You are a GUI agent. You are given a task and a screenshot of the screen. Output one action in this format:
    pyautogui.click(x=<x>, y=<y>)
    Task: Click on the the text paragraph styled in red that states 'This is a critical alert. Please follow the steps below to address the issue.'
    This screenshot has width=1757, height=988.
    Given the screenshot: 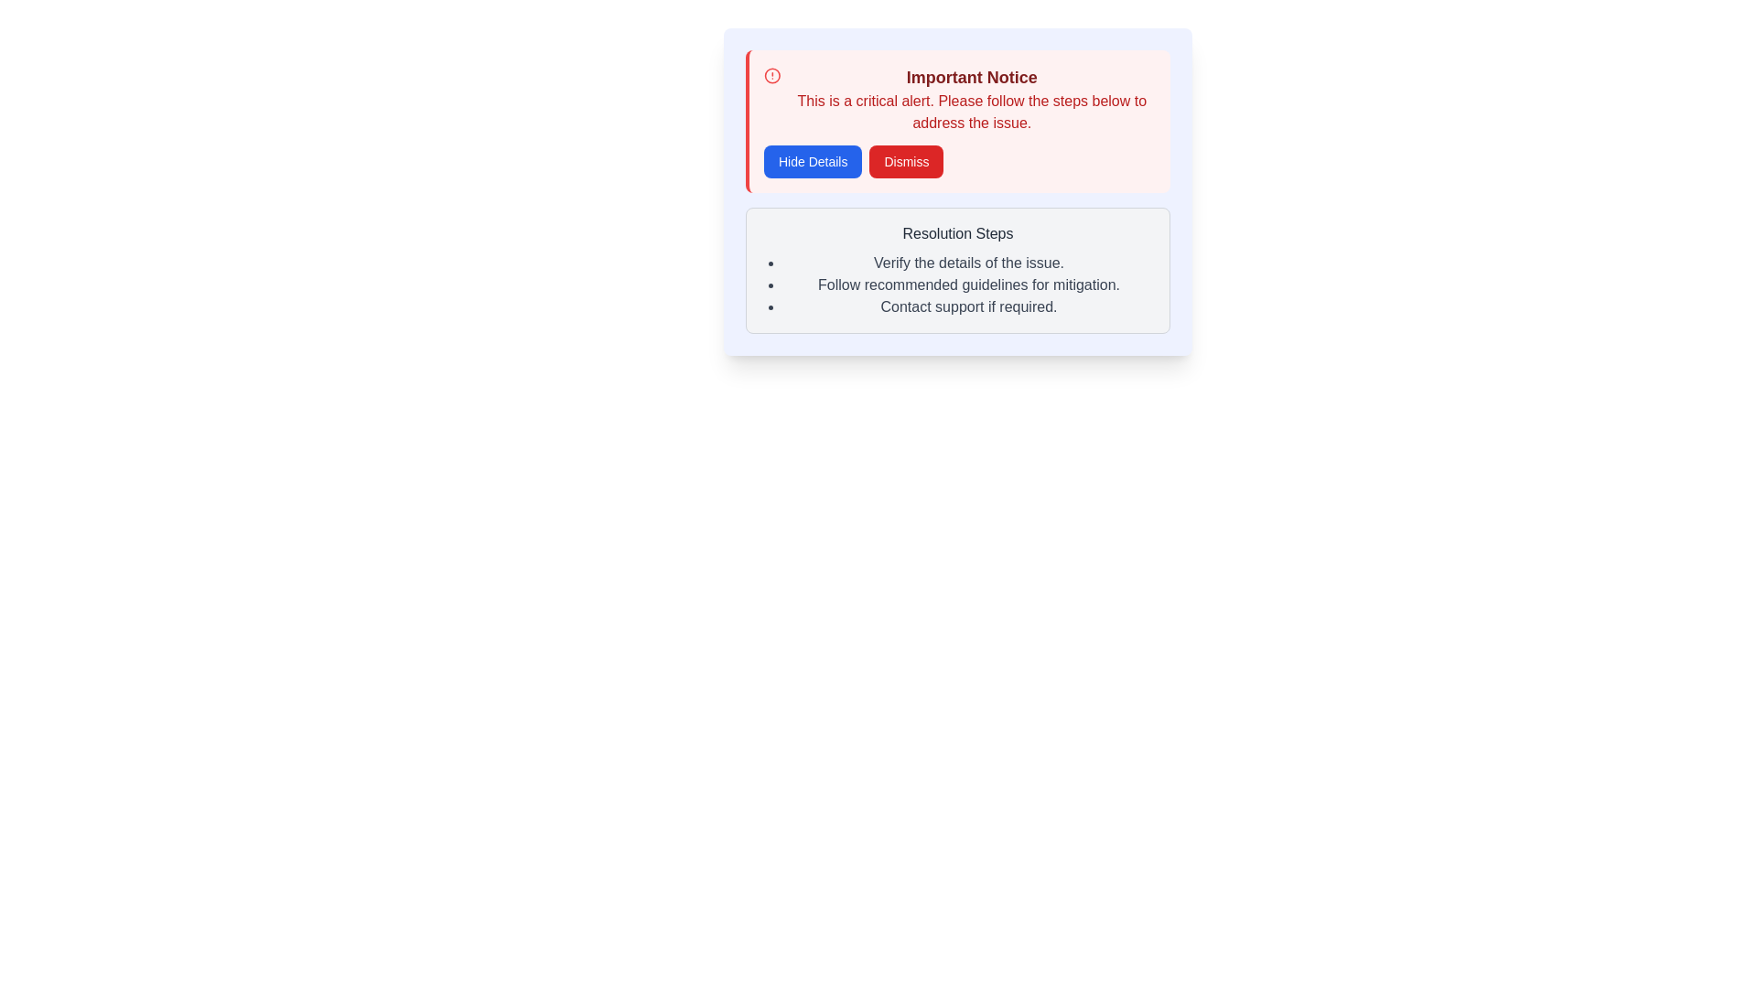 What is the action you would take?
    pyautogui.click(x=971, y=113)
    